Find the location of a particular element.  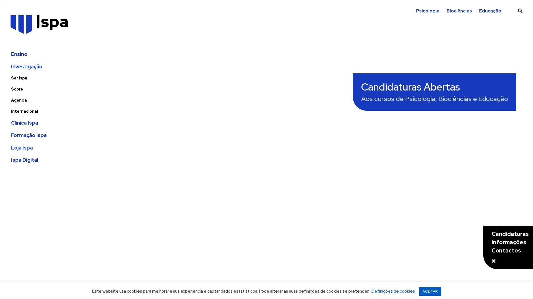

Definicoes de cookies is located at coordinates (393, 291).